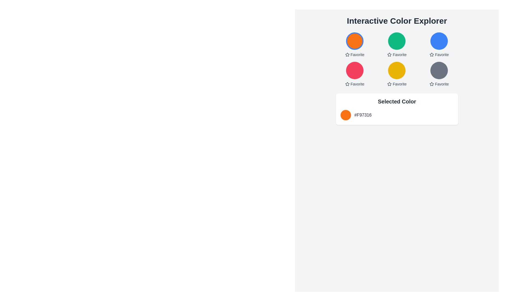  I want to click on the text label reading 'Favorite' which is located in the top row, third column of the grid layout, next to a star icon, so click(442, 54).